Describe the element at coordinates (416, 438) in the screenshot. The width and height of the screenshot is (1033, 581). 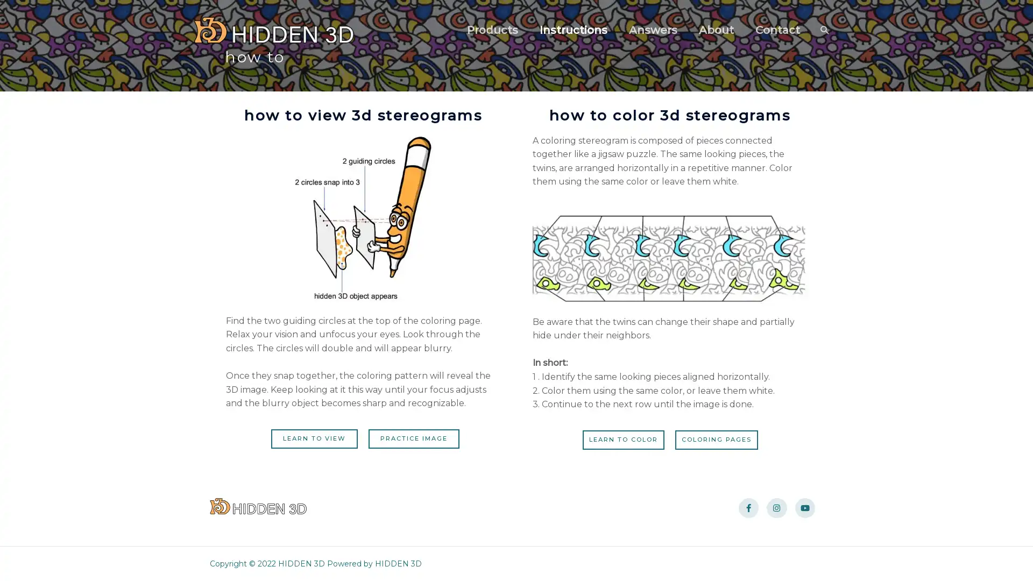
I see `PRACTICE IMAGE` at that location.